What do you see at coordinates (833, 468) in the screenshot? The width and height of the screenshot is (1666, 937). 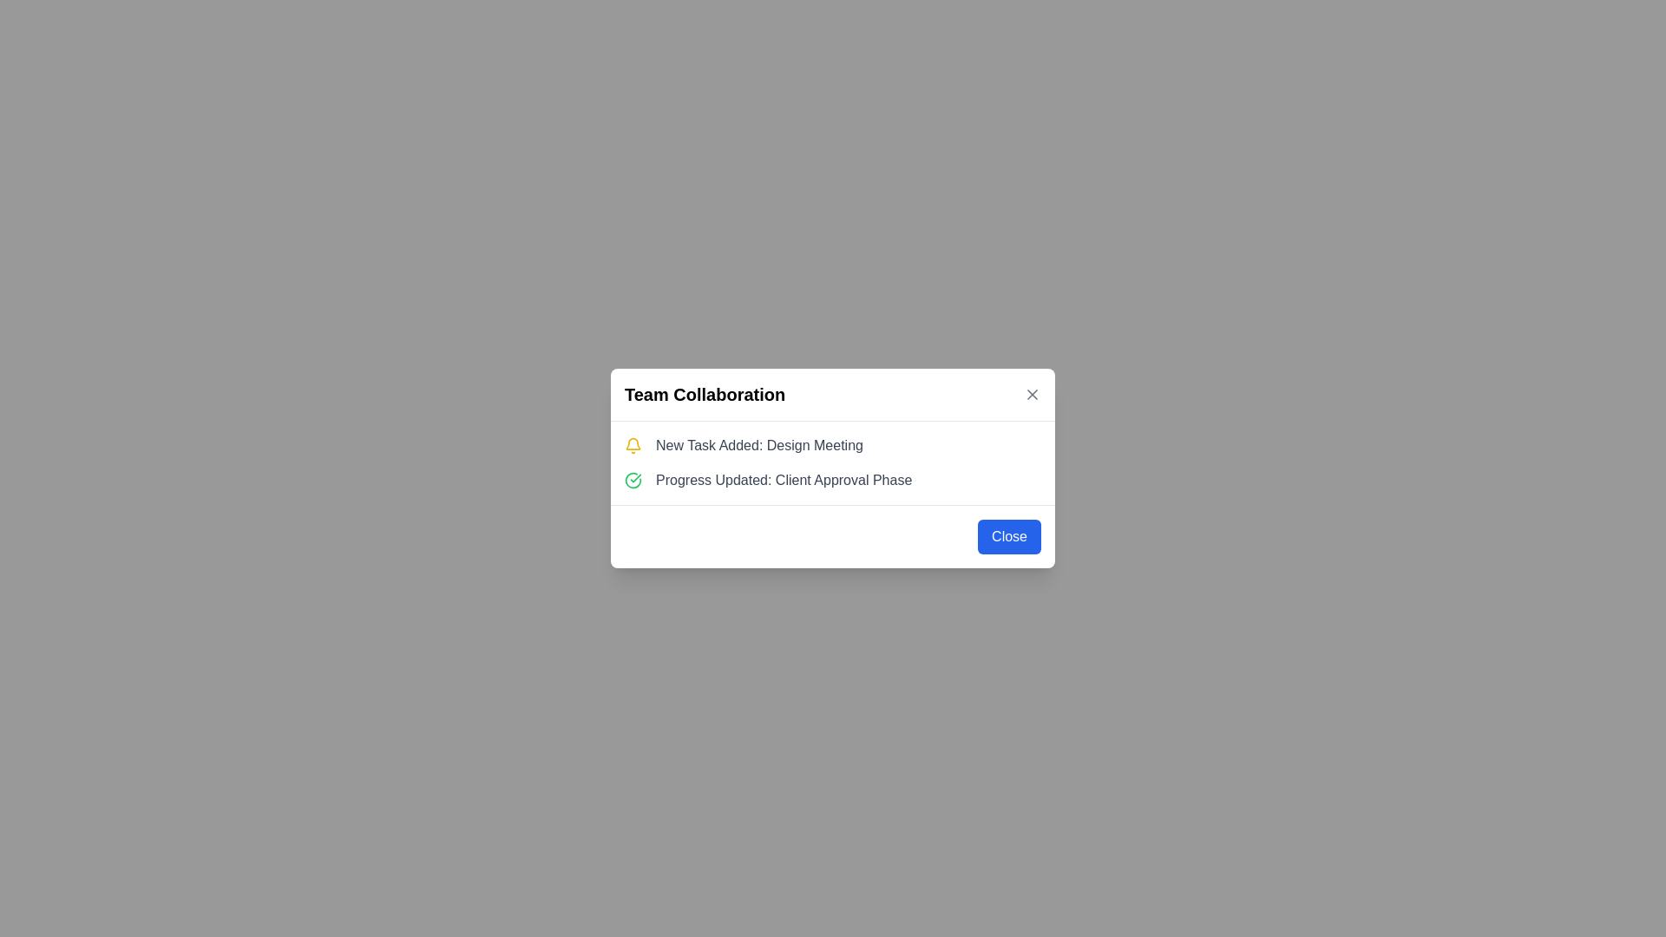 I see `the modal dialog box to interact with its nested elements, including notification messages and the close button` at bounding box center [833, 468].